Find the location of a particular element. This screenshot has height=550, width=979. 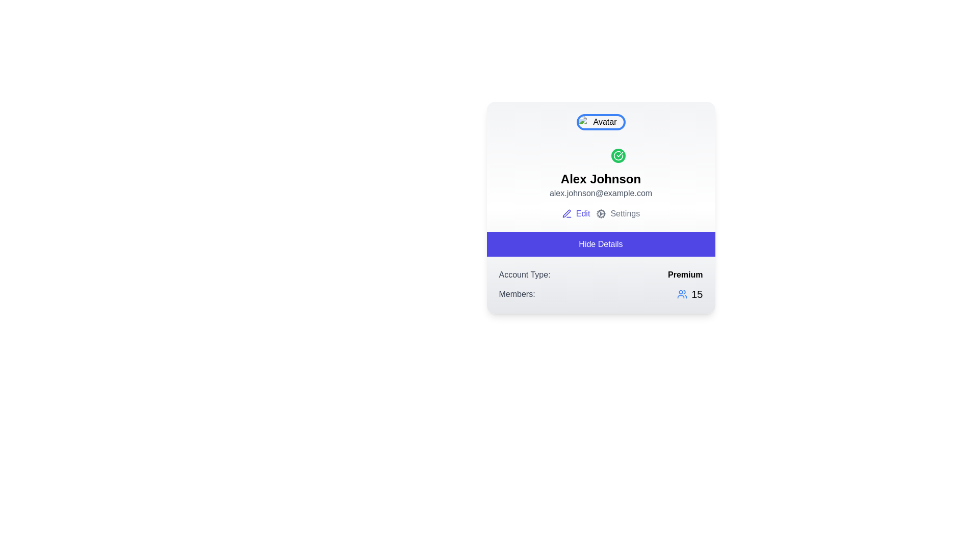

the bold black text label displaying the word 'Premium', which is aligned horizontally with the 'Account Type:' text and located in the bottom section of the card is located at coordinates (685, 275).